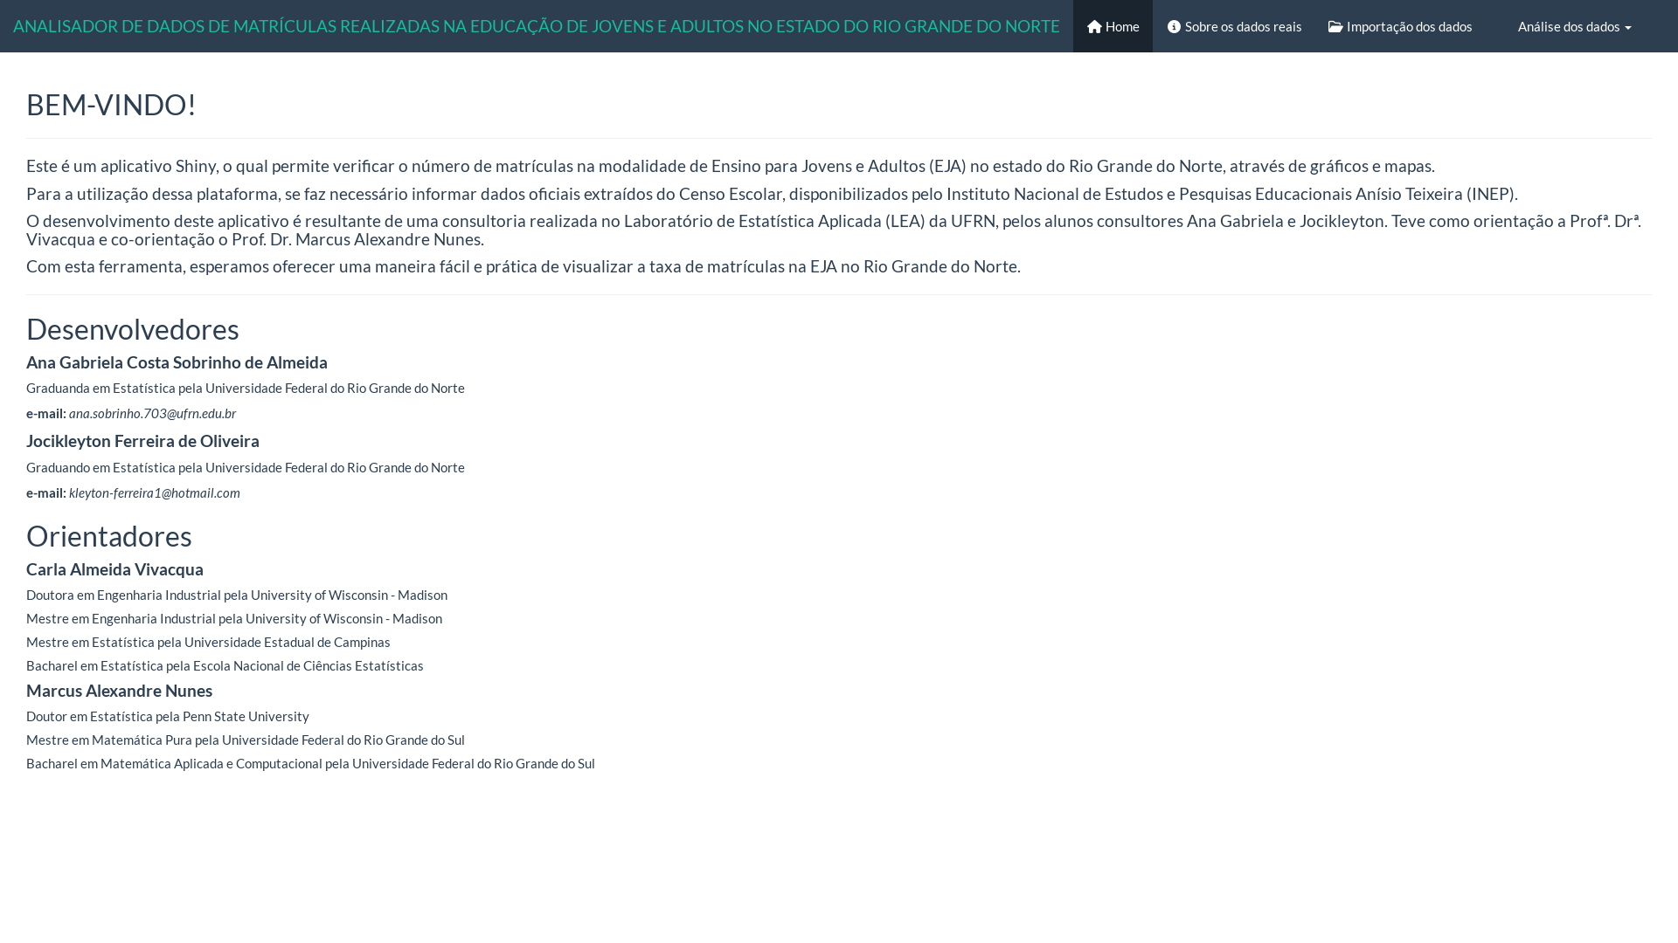 The image size is (1678, 943). What do you see at coordinates (1112, 26) in the screenshot?
I see `'Home'` at bounding box center [1112, 26].